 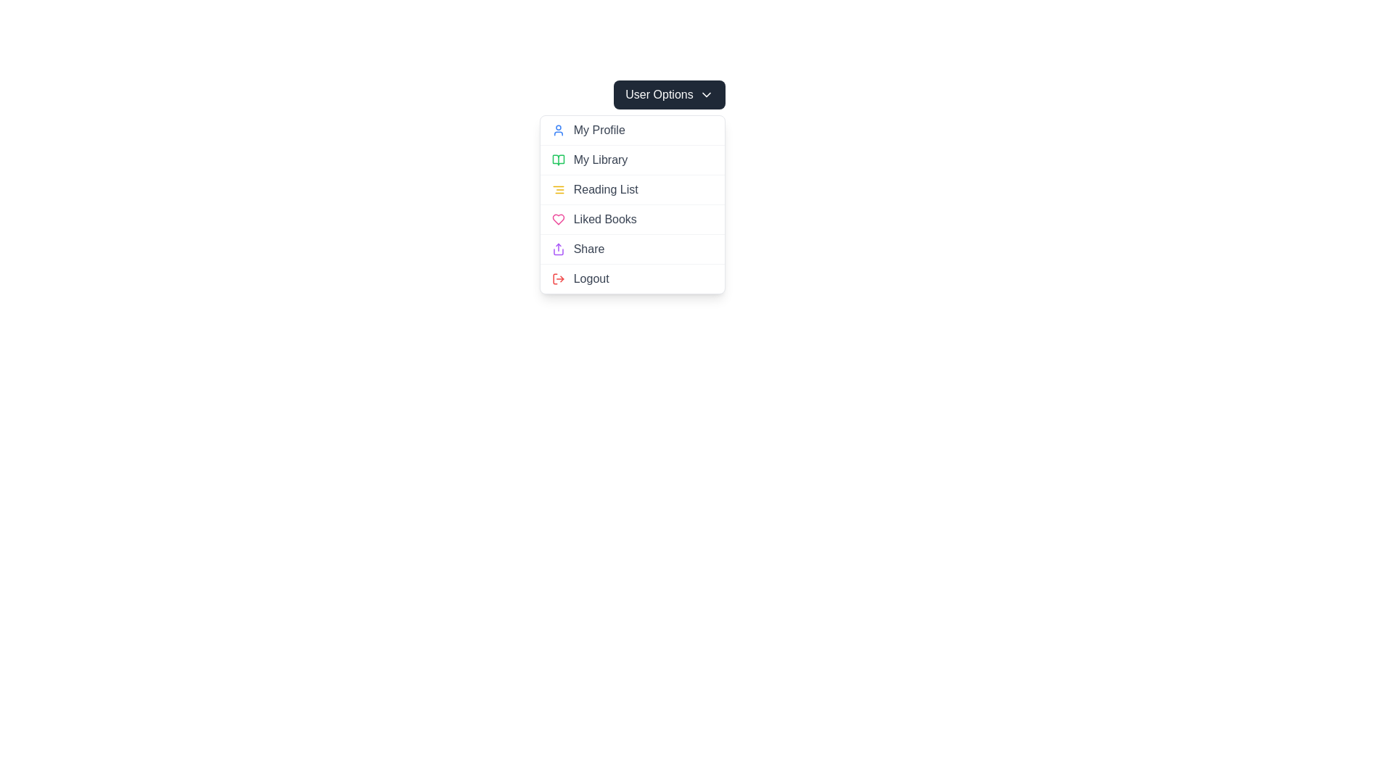 I want to click on the logout button located at the bottom of the vertical menu, which includes options like 'My Profile', 'My Library', and 'Share', so click(x=632, y=278).